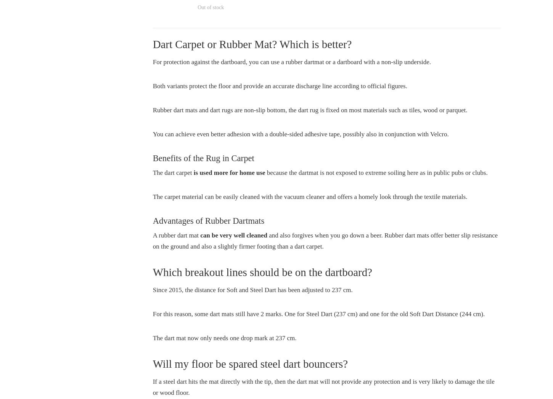 This screenshot has height=399, width=553. Describe the element at coordinates (292, 61) in the screenshot. I see `'For protection against the dartboard, you can use a rubber dartmat or a dartboard with a non-slip underside.'` at that location.